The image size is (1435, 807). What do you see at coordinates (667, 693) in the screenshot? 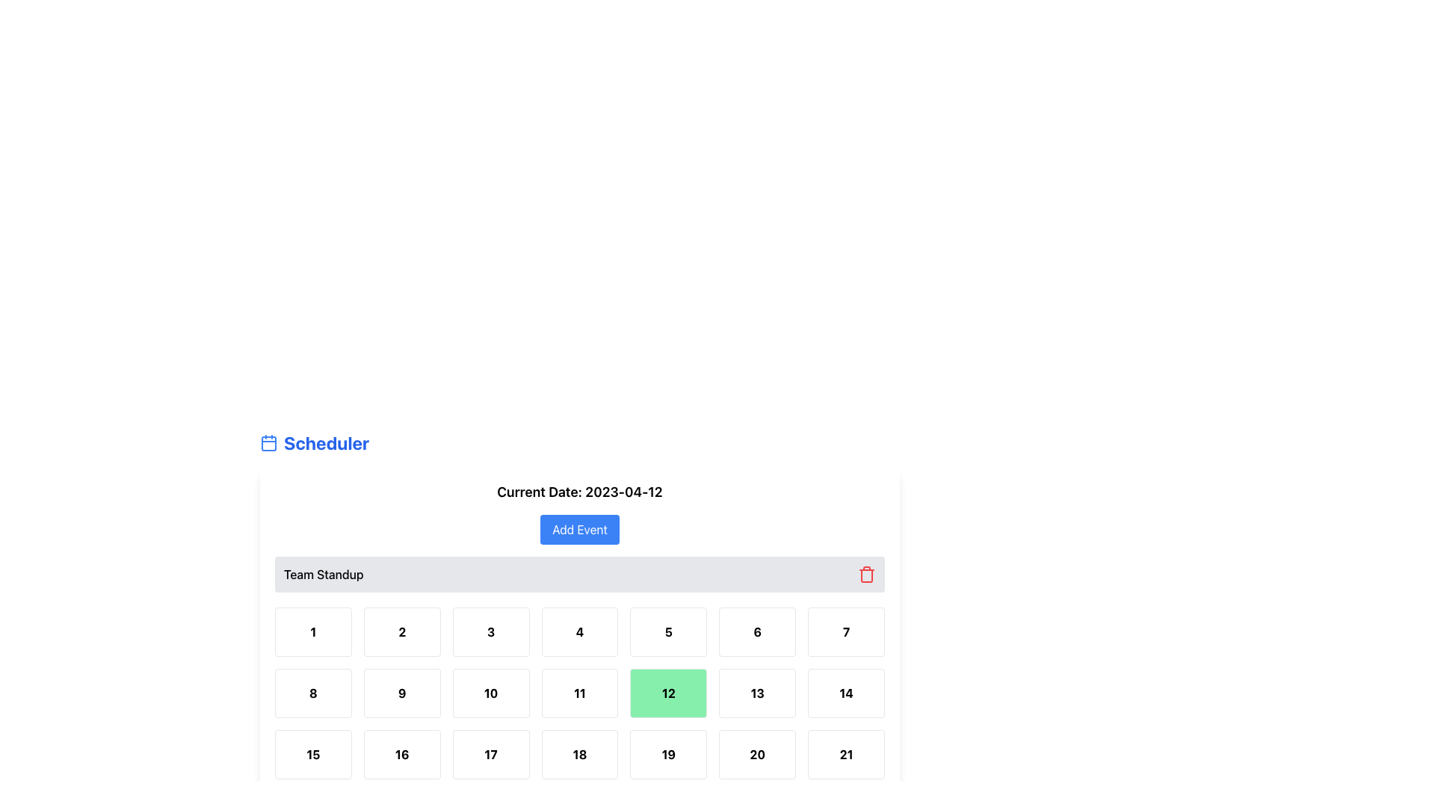
I see `to select or activate the twelfth item in the calendar grid located in the second row, fifth column` at bounding box center [667, 693].